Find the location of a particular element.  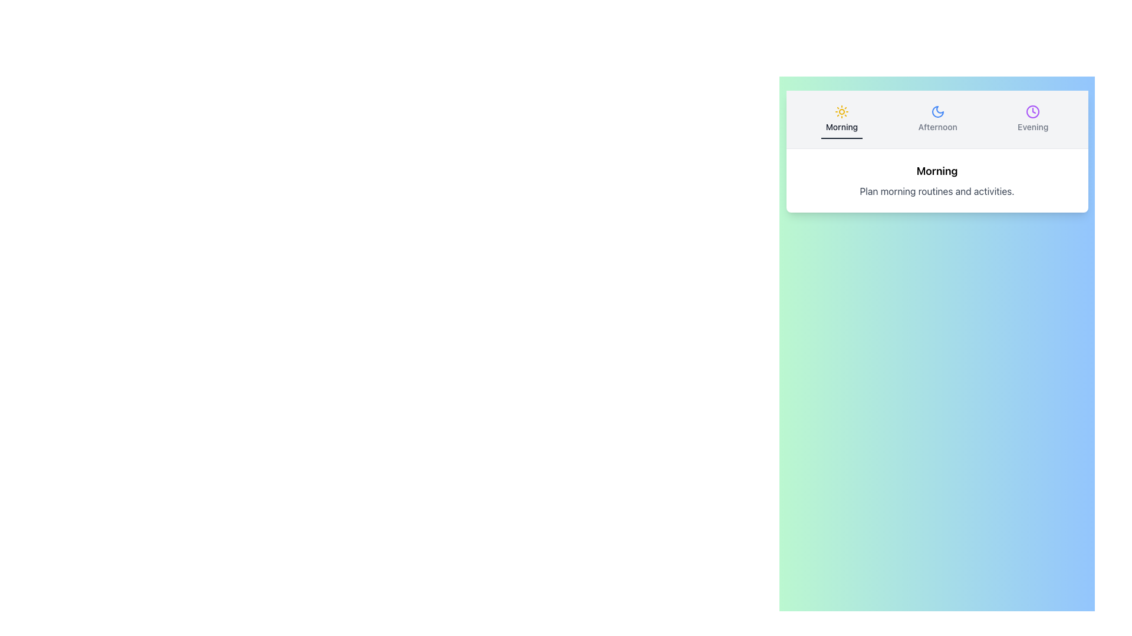

the 'Afternoon' icon, which serves as a visual representation for the corresponding section in the application is located at coordinates (937, 111).